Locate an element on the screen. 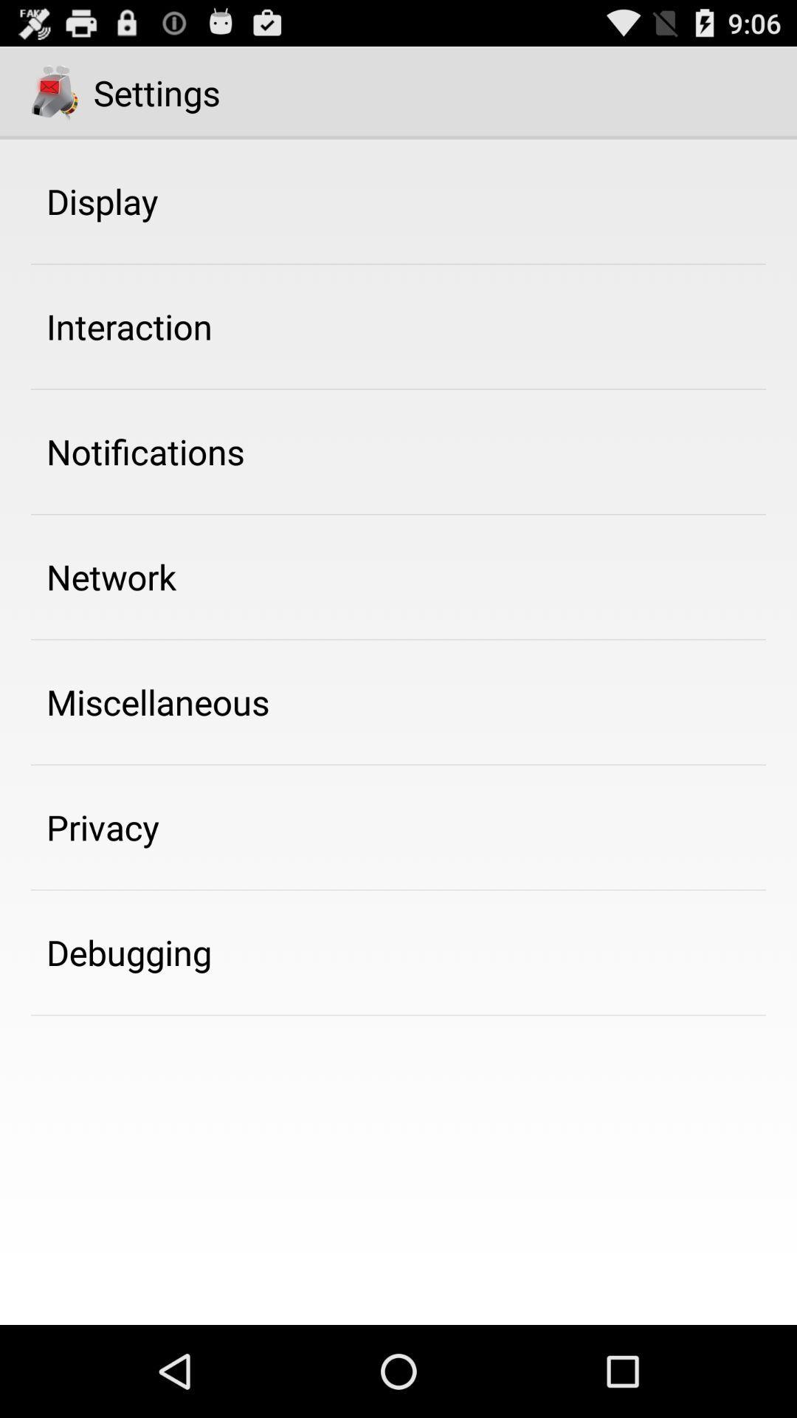  the app below notifications icon is located at coordinates (111, 576).